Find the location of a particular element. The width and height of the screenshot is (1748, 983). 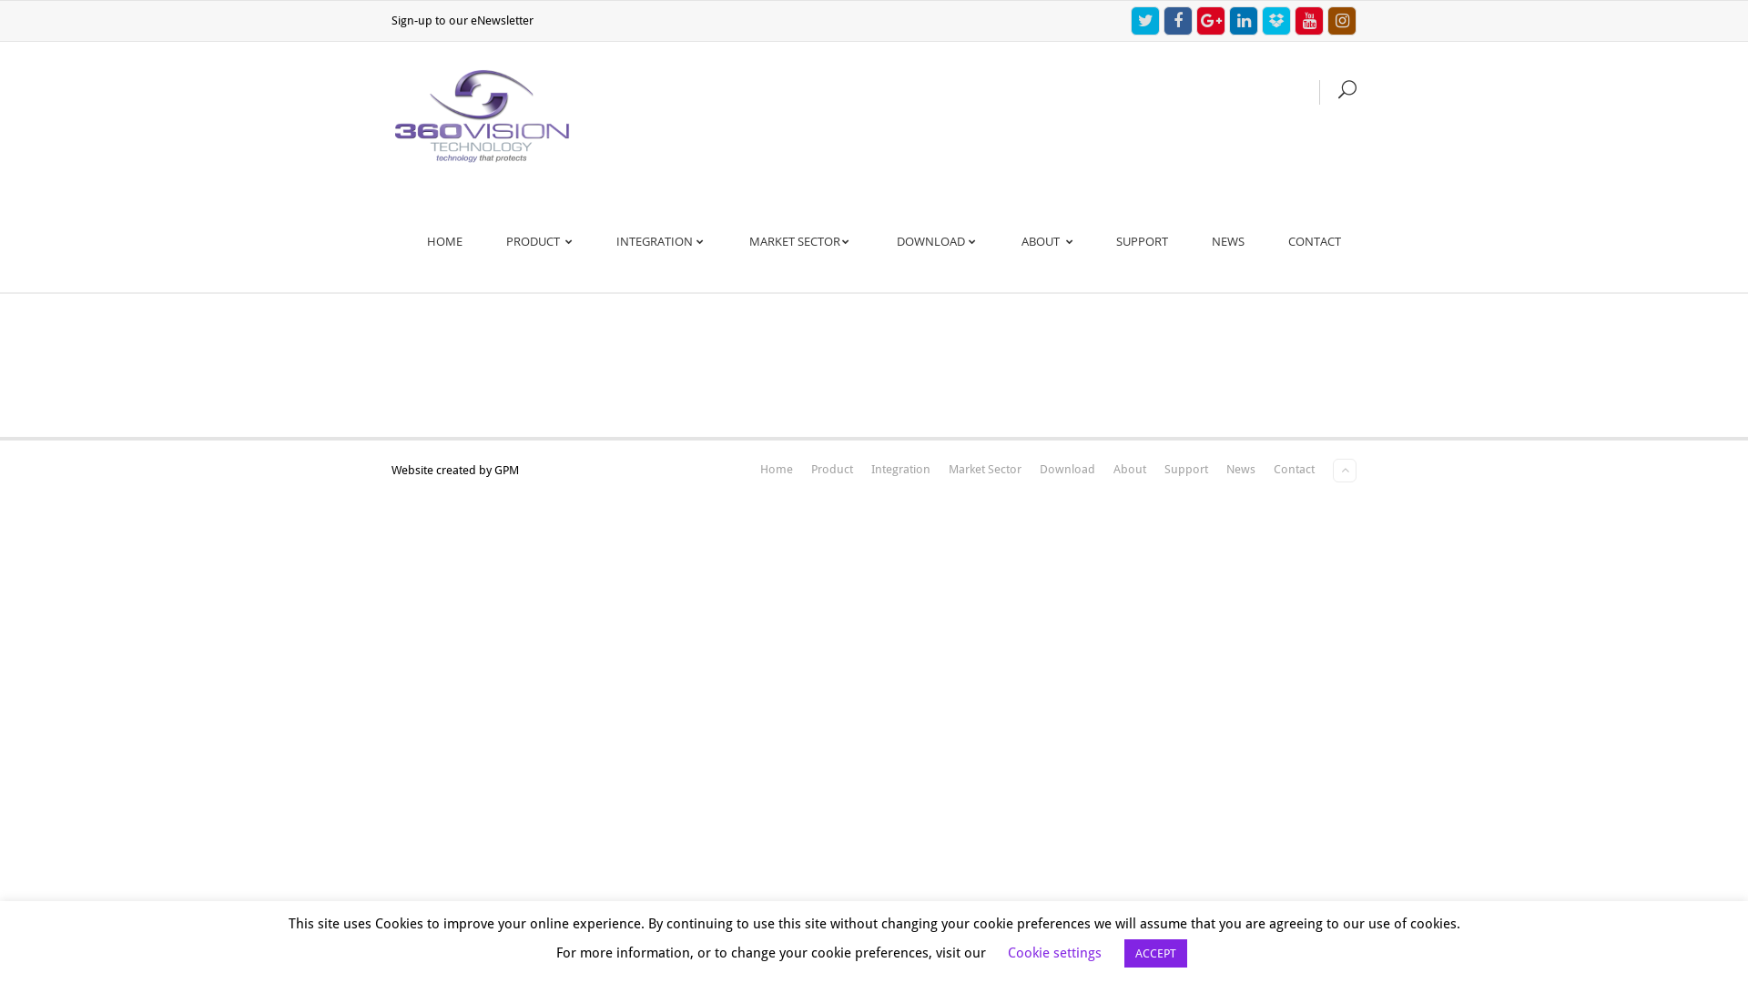

'Support' is located at coordinates (1185, 468).